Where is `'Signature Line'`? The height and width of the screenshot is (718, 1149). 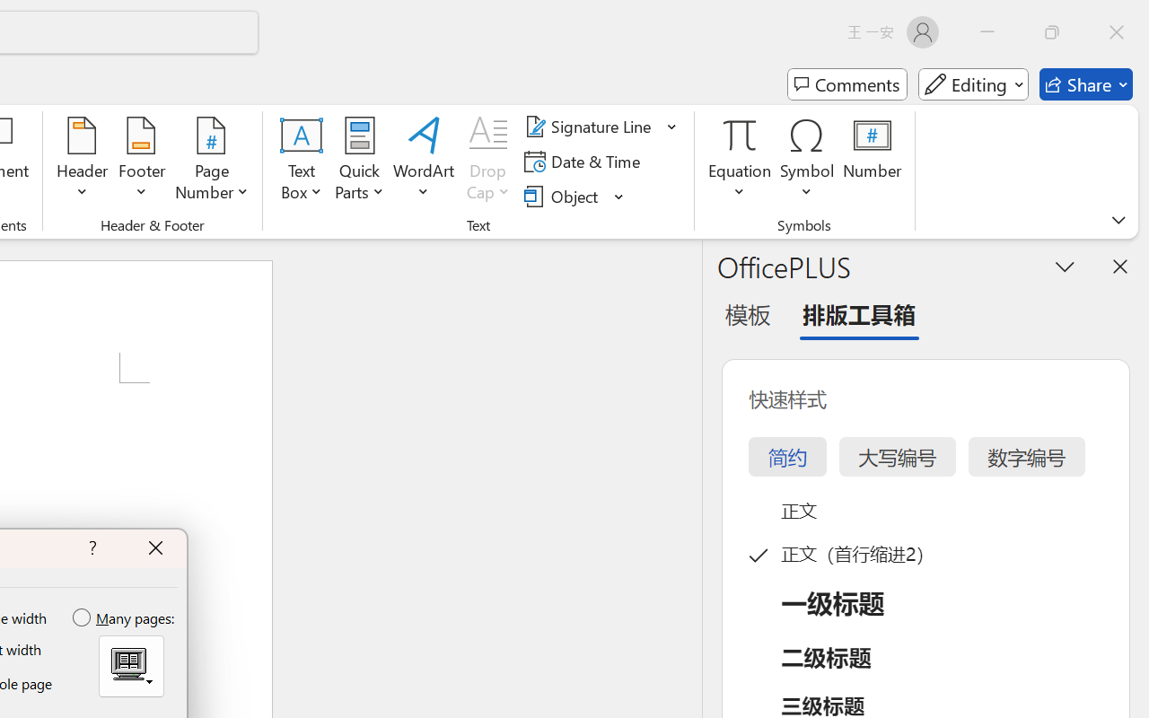
'Signature Line' is located at coordinates (591, 127).